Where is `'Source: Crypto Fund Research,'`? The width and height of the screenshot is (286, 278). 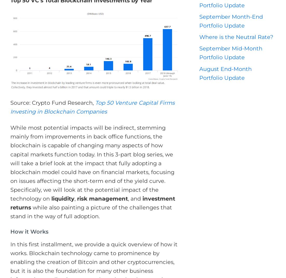
'Source: Crypto Fund Research,' is located at coordinates (53, 102).